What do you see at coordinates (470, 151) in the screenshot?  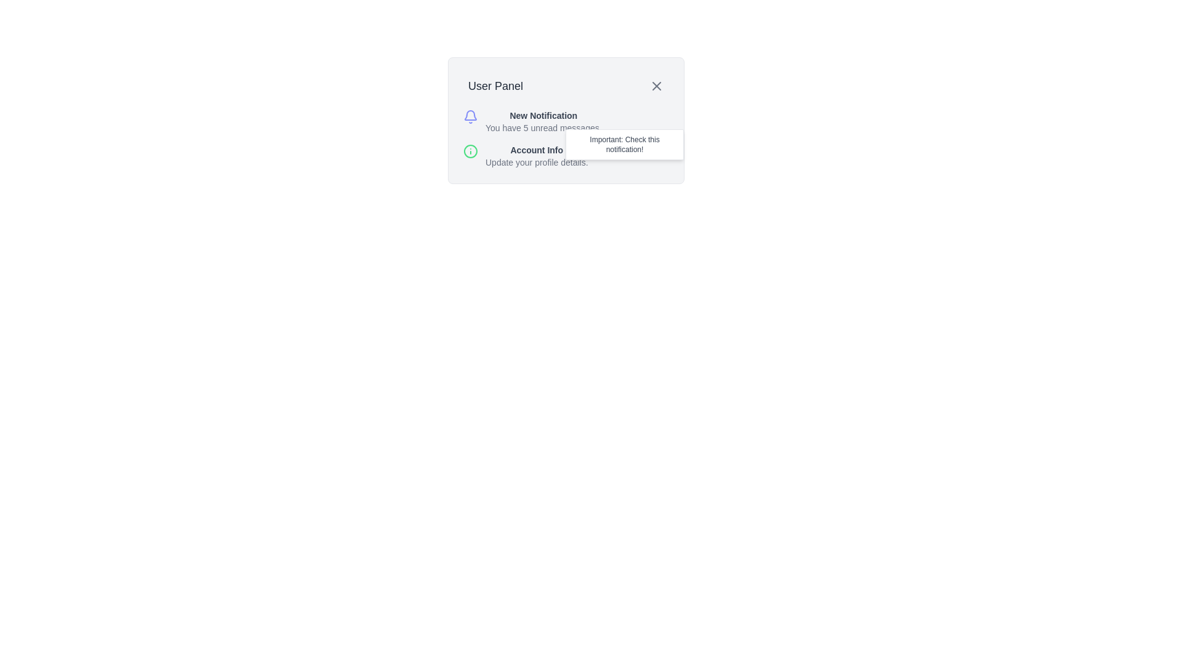 I see `the circular green information icon located to the left of the 'Account Info' text within the 'User Panel'` at bounding box center [470, 151].